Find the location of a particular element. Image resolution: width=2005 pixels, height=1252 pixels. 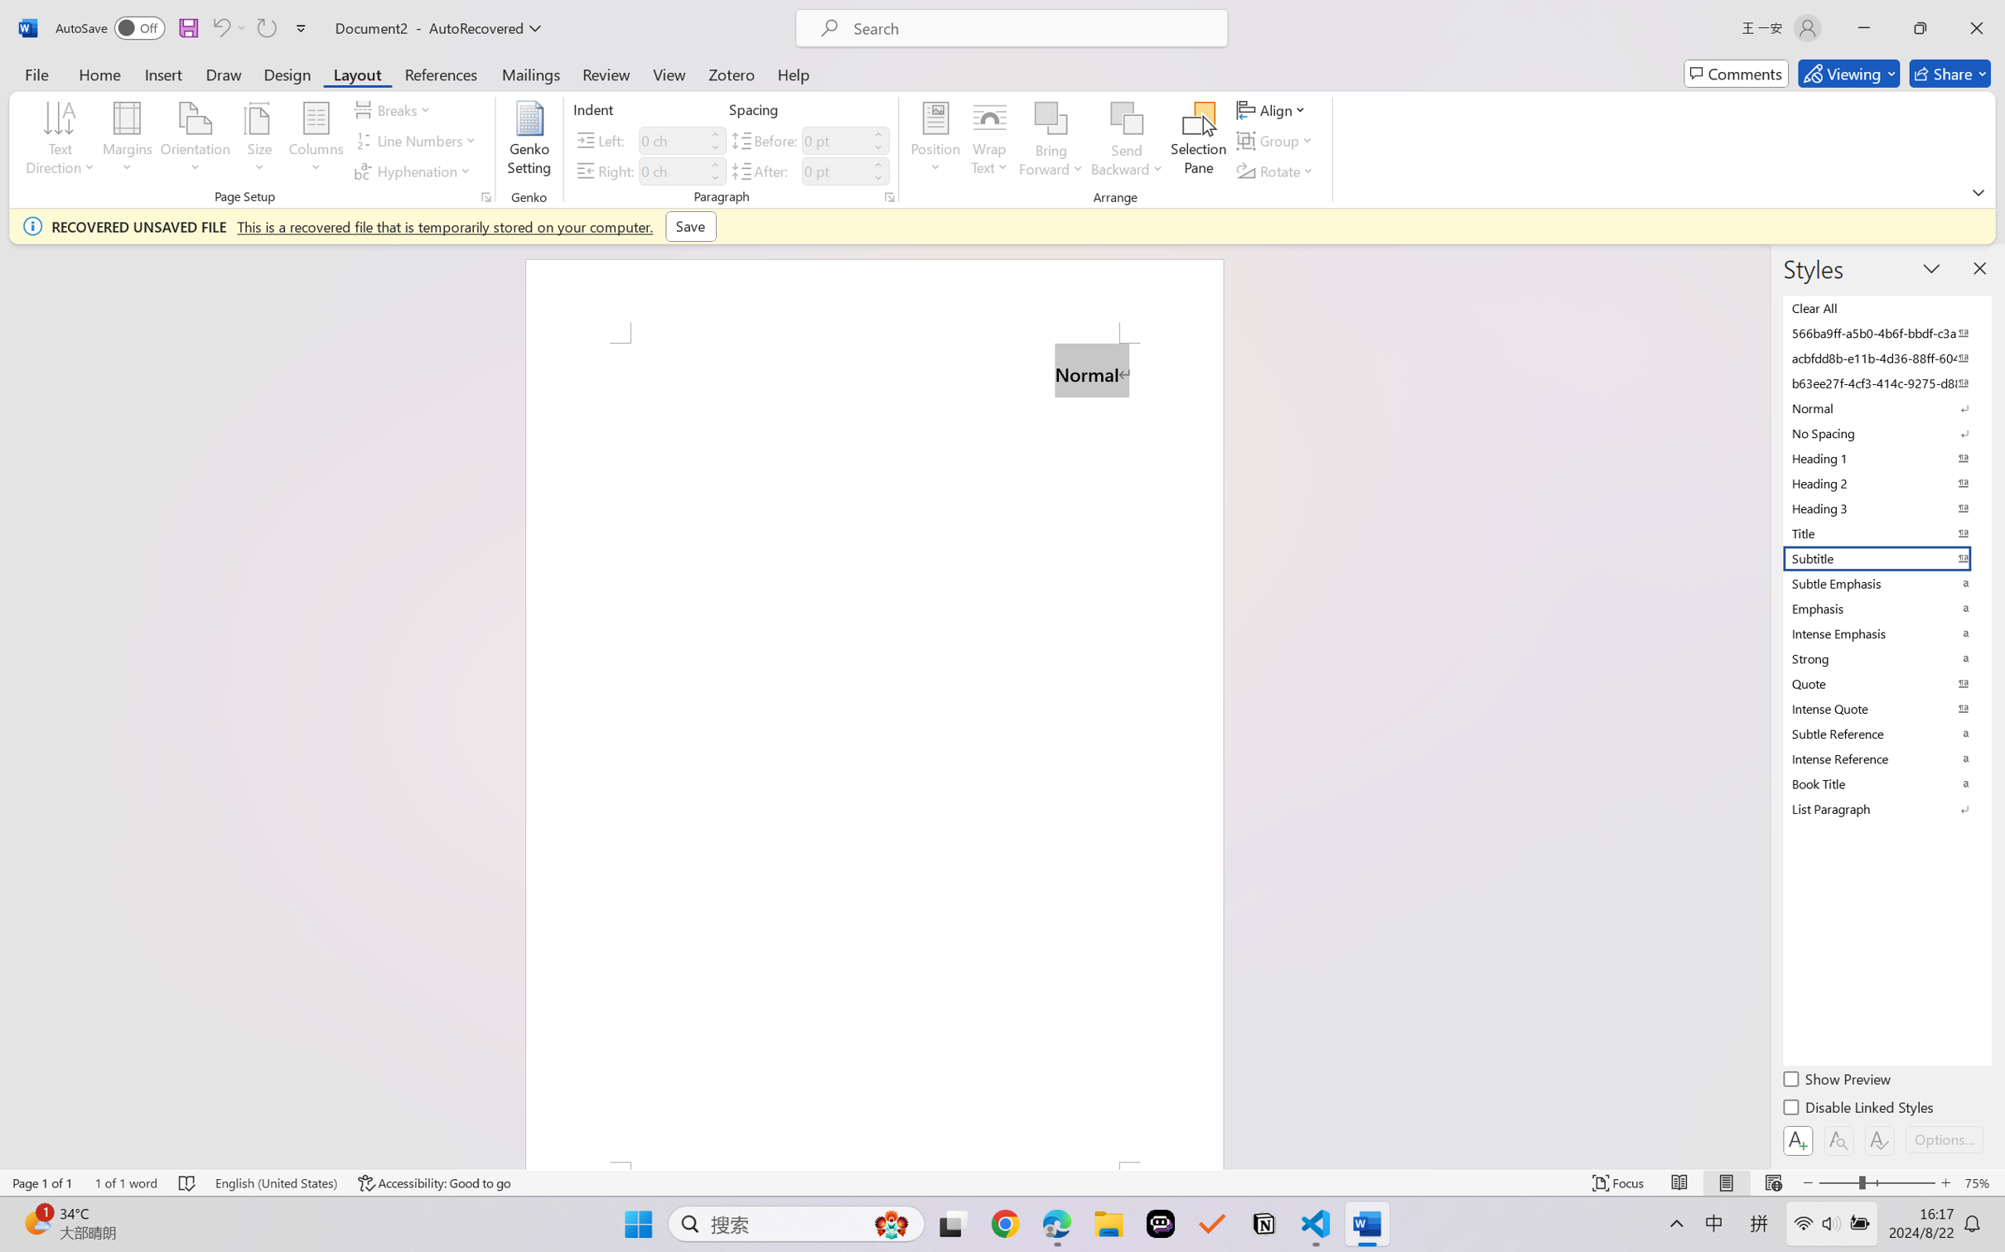

'Intense Emphasis' is located at coordinates (1885, 633).